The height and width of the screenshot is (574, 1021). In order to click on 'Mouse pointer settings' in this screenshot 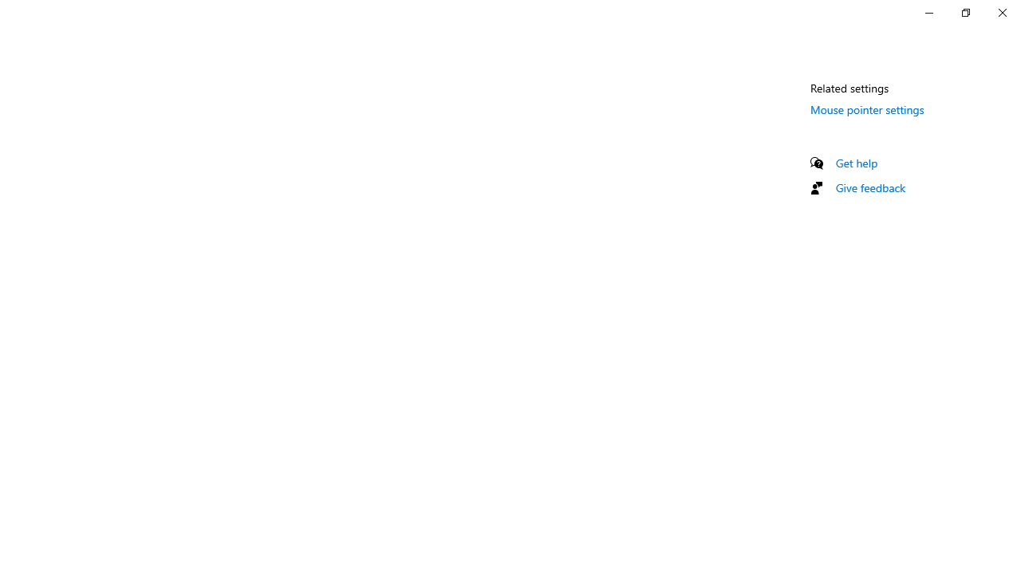, I will do `click(866, 108)`.